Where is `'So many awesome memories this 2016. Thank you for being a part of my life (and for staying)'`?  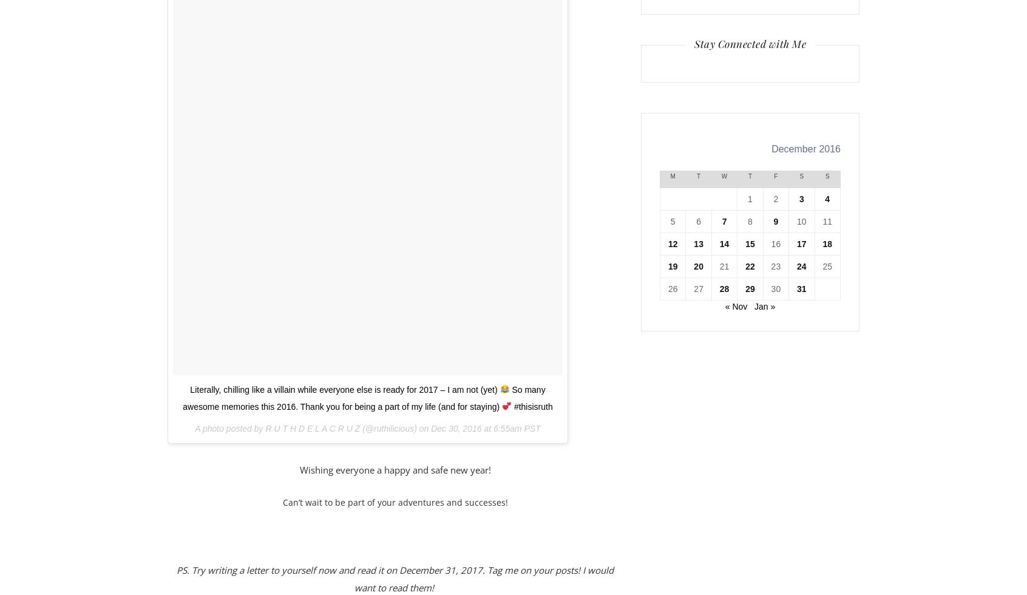
'So many awesome memories this 2016. Thank you for being a part of my life (and for staying)' is located at coordinates (363, 398).